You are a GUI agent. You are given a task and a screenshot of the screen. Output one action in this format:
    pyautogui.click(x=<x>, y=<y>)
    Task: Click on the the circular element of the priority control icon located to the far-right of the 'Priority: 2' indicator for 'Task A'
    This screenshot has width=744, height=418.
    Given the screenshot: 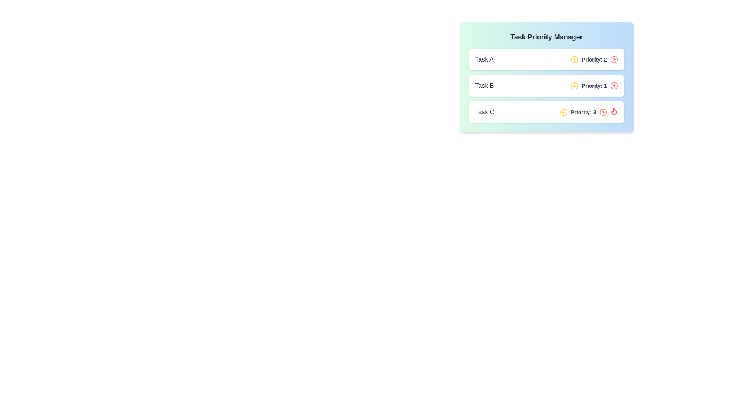 What is the action you would take?
    pyautogui.click(x=613, y=59)
    